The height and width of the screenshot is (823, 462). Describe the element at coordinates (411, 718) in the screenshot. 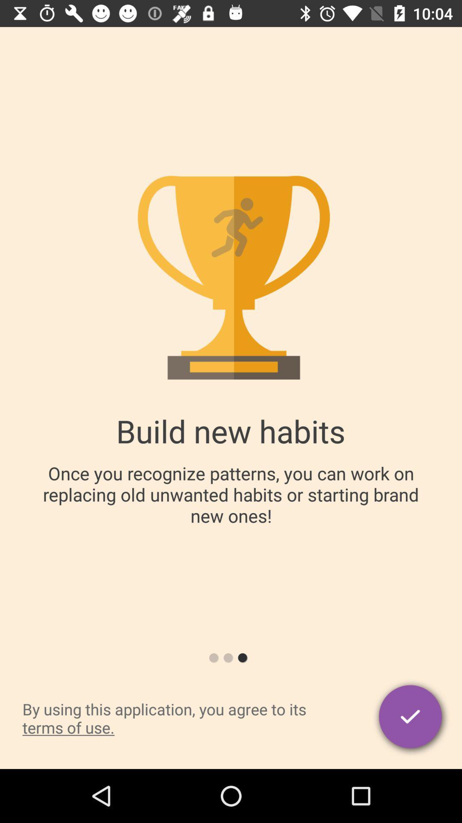

I see `right` at that location.